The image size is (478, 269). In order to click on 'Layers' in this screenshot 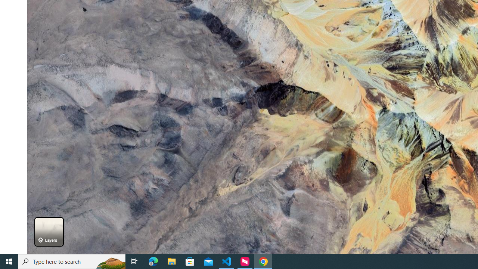, I will do `click(49, 231)`.